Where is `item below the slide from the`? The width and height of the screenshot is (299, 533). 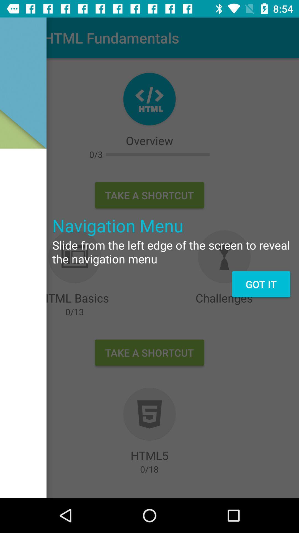
item below the slide from the is located at coordinates (261, 284).